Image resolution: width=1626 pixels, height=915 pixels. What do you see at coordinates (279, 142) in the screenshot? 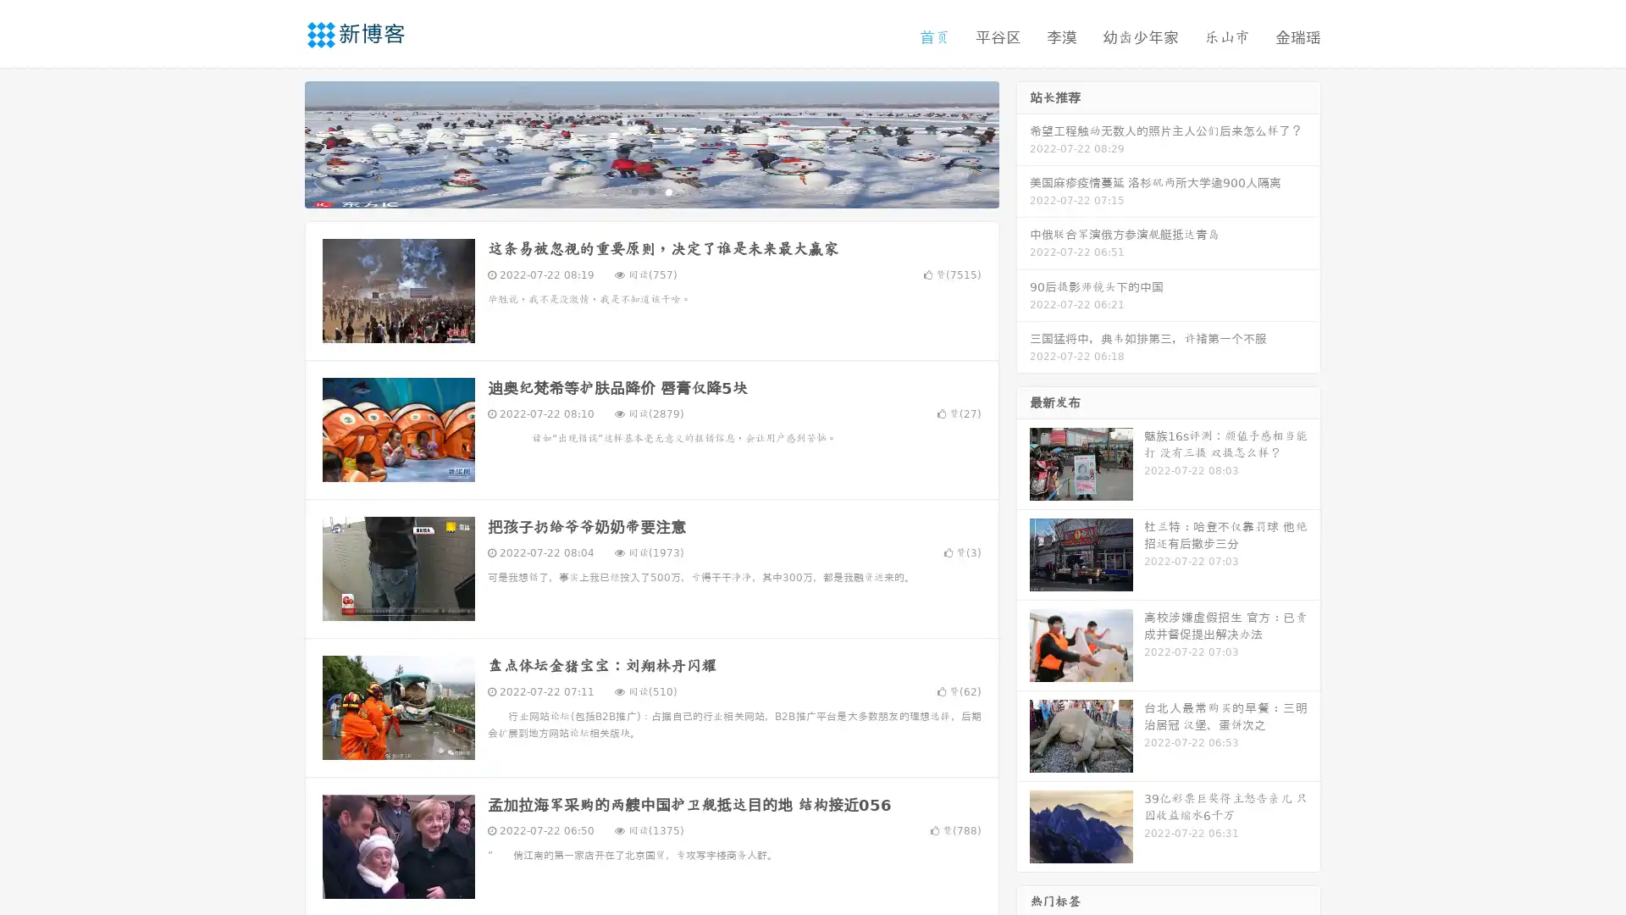
I see `Previous slide` at bounding box center [279, 142].